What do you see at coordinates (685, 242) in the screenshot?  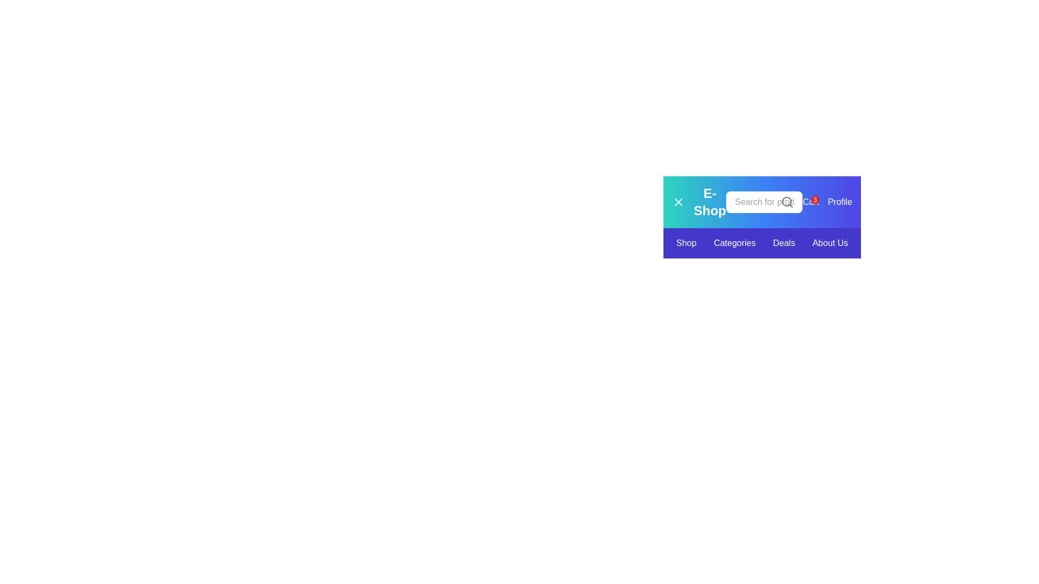 I see `the 'Shop' hyperlink in the navigation bar, which is styled in white on a dark blue background` at bounding box center [685, 242].